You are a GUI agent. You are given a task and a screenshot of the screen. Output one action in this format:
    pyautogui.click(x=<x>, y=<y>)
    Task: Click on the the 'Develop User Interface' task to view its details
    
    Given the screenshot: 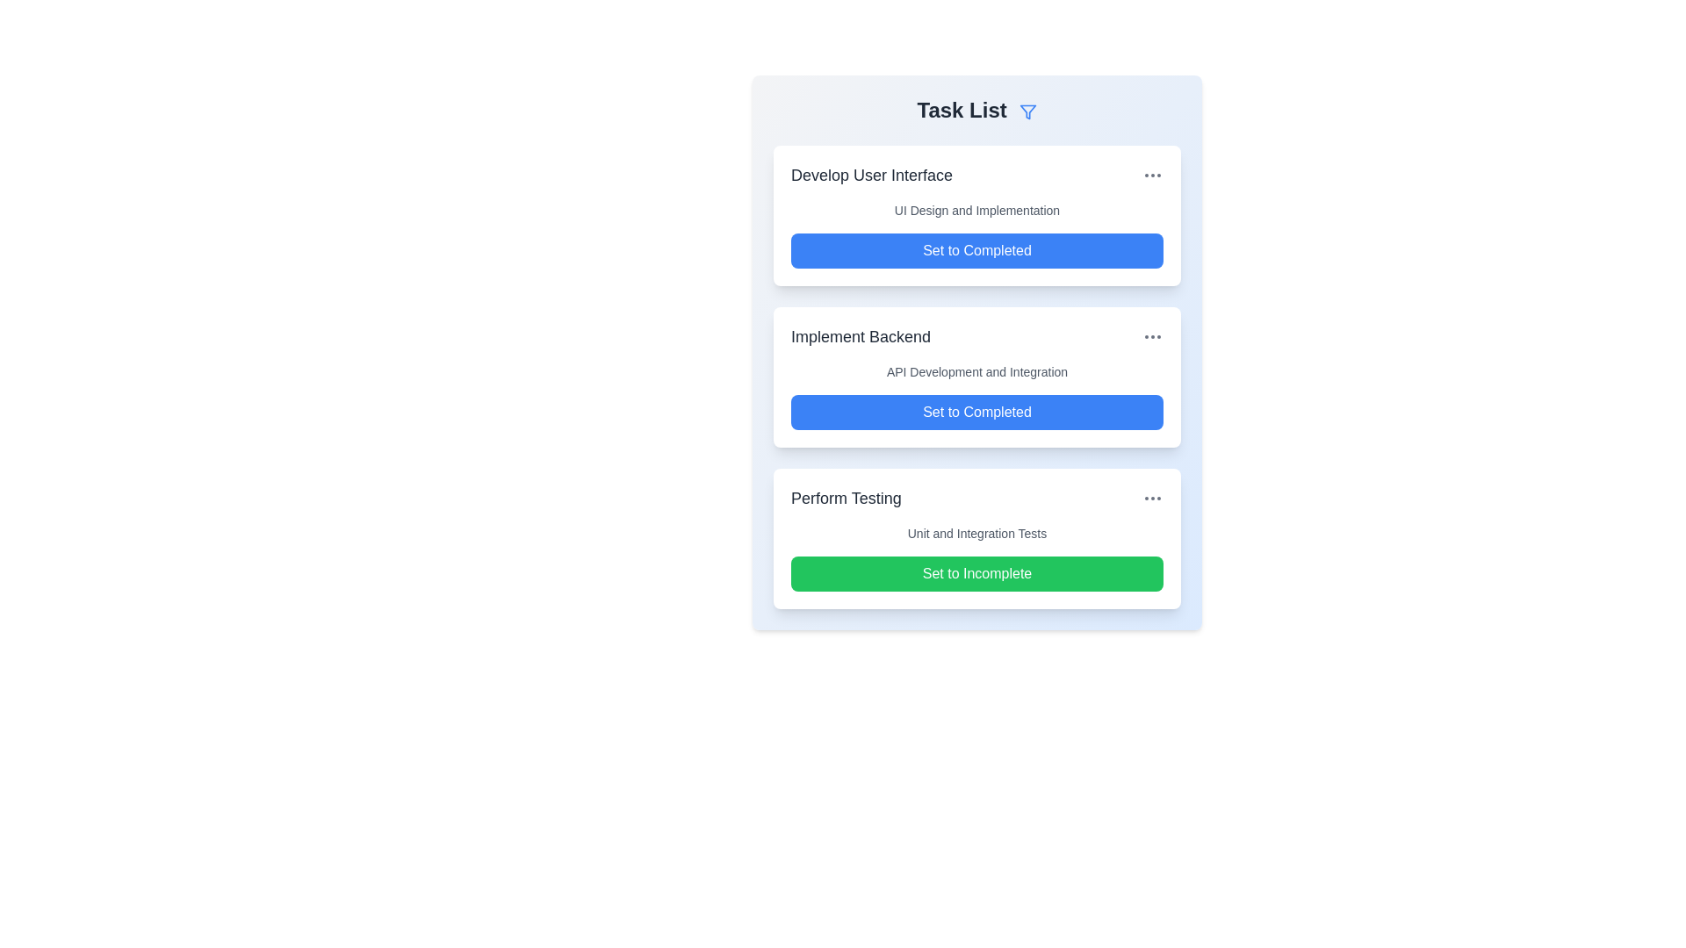 What is the action you would take?
    pyautogui.click(x=872, y=176)
    